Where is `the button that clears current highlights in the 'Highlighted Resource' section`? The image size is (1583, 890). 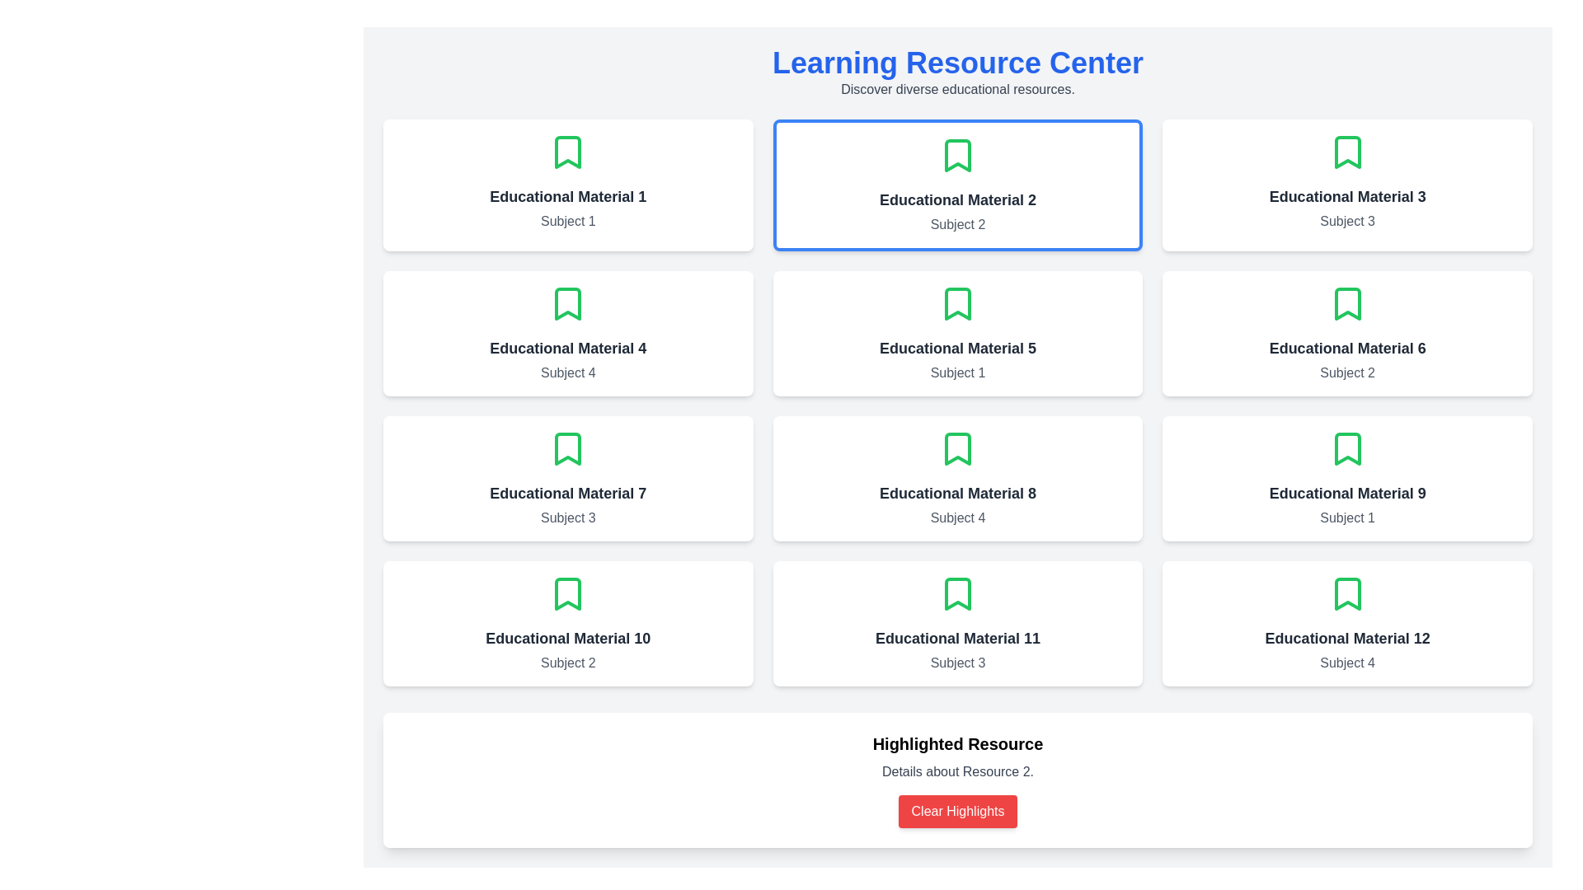
the button that clears current highlights in the 'Highlighted Resource' section is located at coordinates (957, 810).